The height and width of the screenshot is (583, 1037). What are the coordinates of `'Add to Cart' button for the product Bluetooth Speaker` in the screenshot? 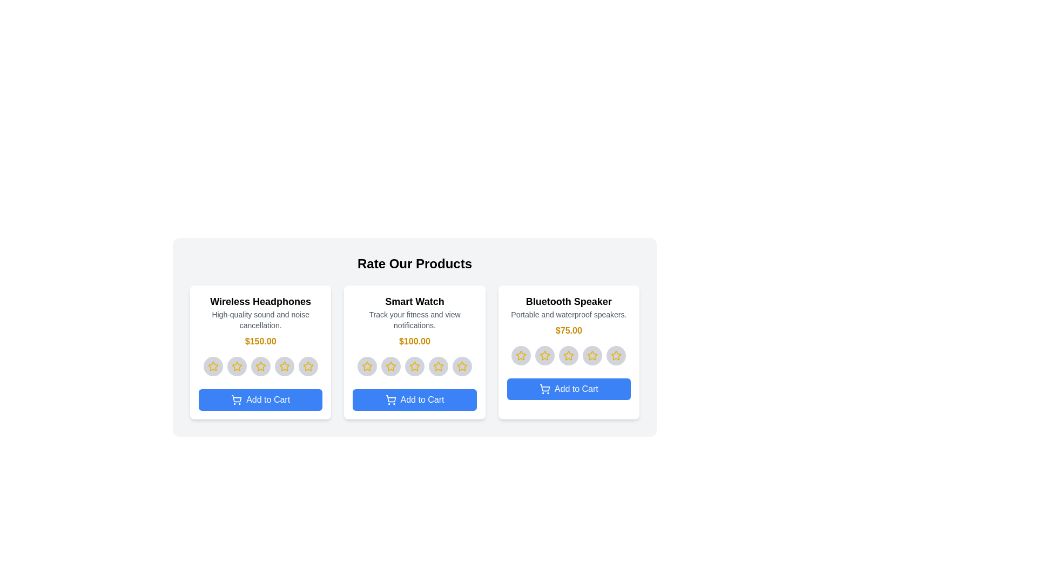 It's located at (568, 389).